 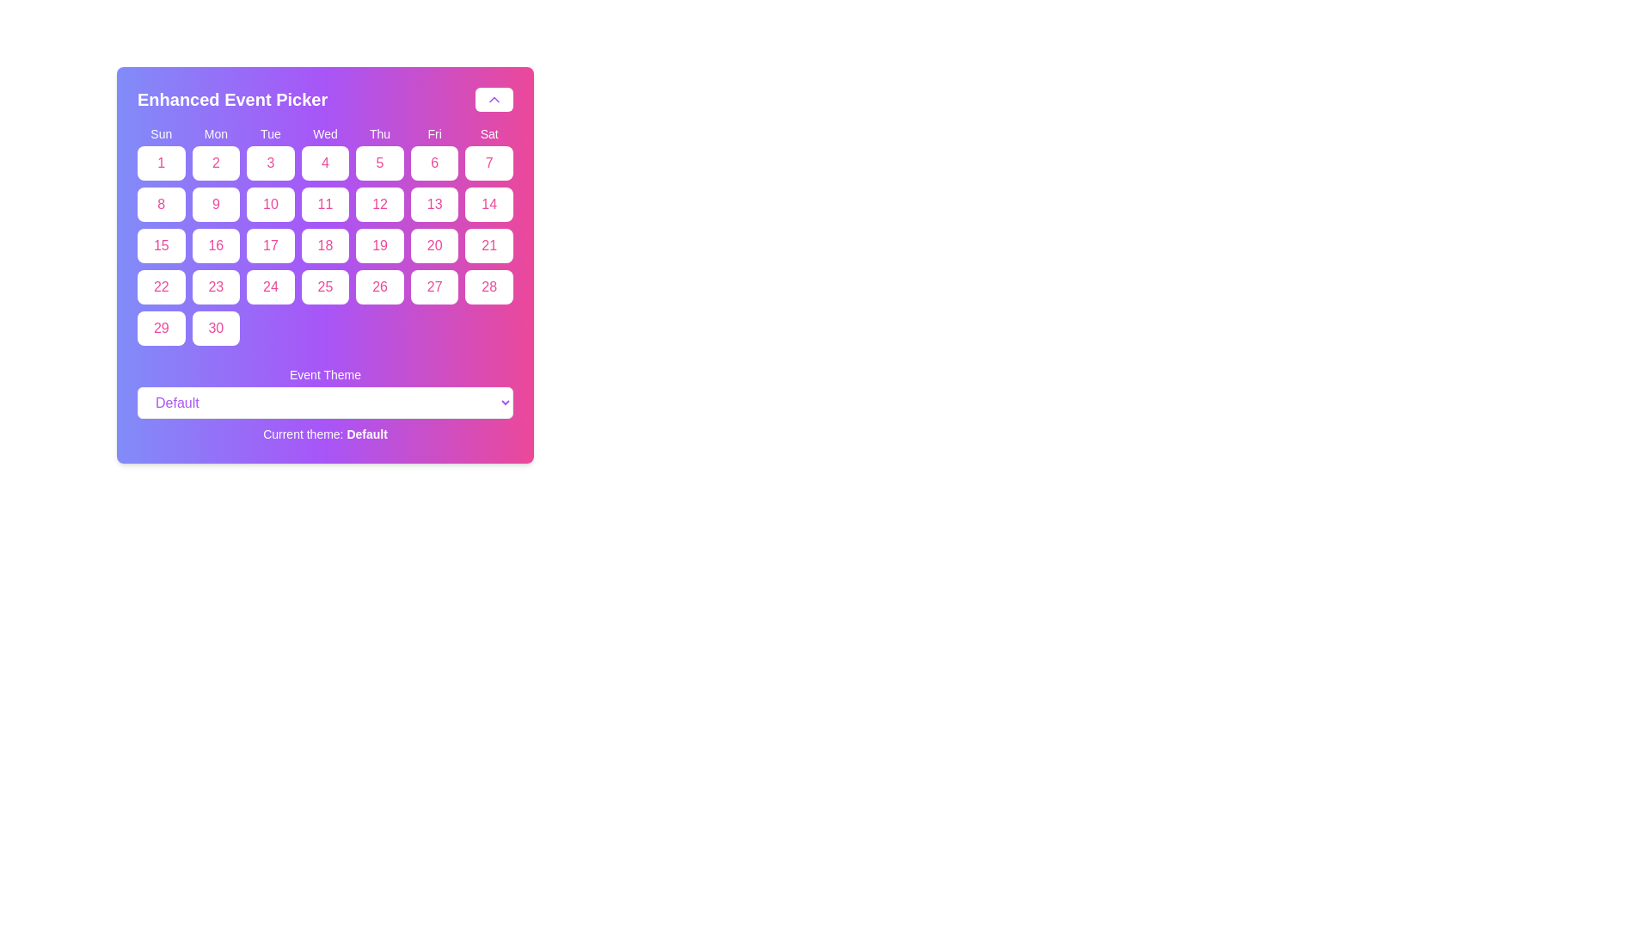 What do you see at coordinates (269, 245) in the screenshot?
I see `the button displaying the number '17' in pink text, located in the third row and third column of the calendar grid` at bounding box center [269, 245].